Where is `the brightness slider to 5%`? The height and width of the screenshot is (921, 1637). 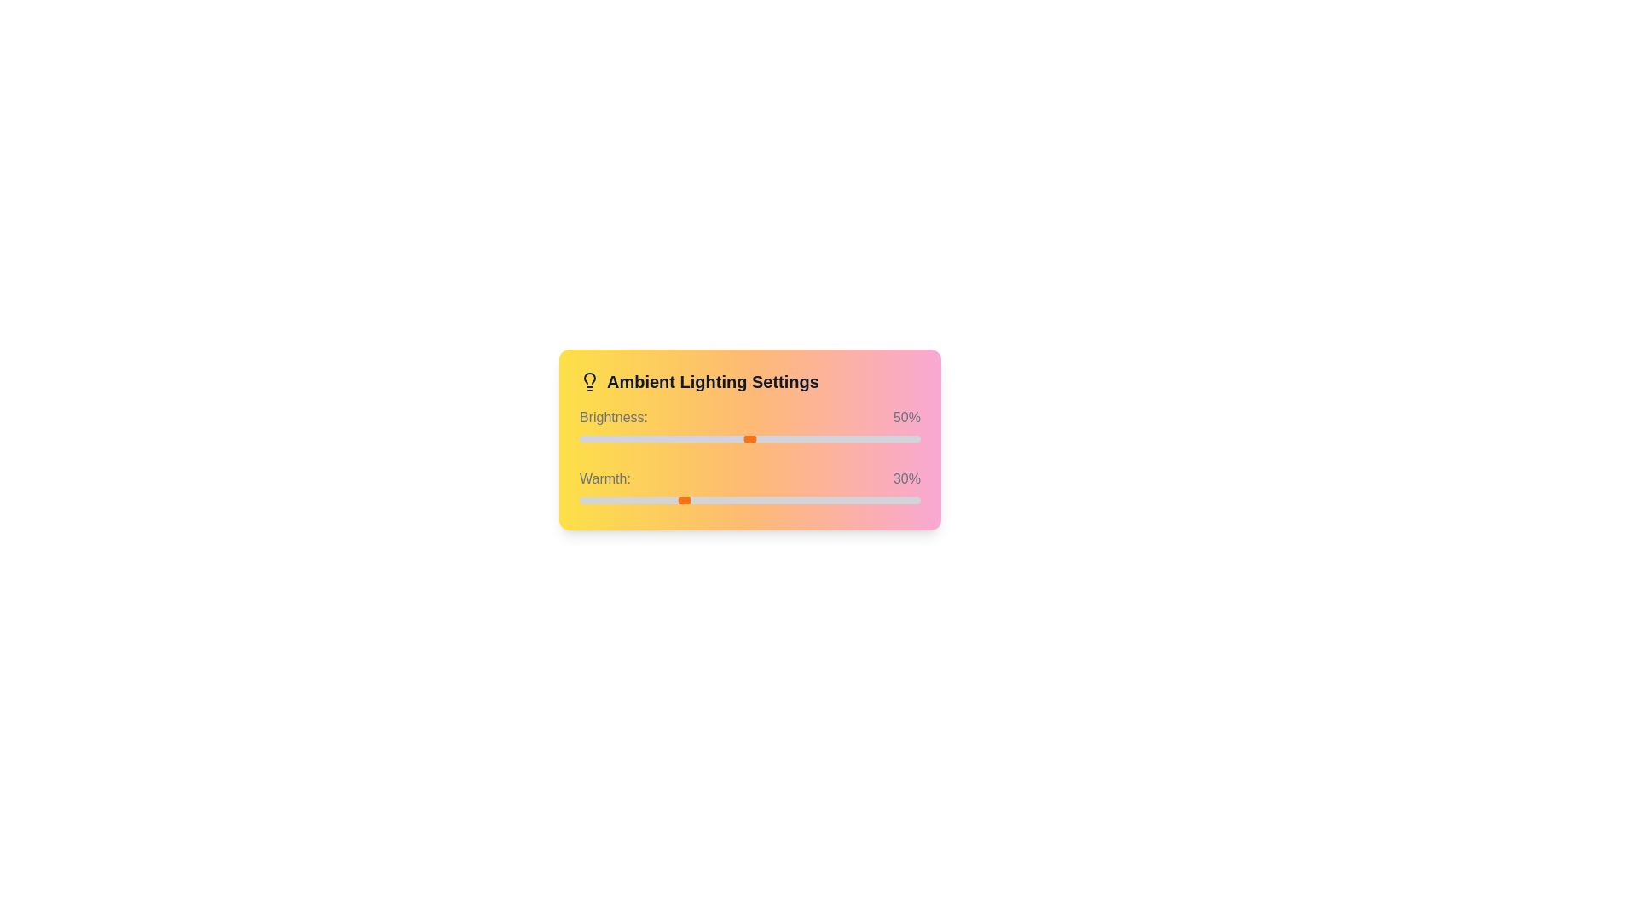
the brightness slider to 5% is located at coordinates (597, 438).